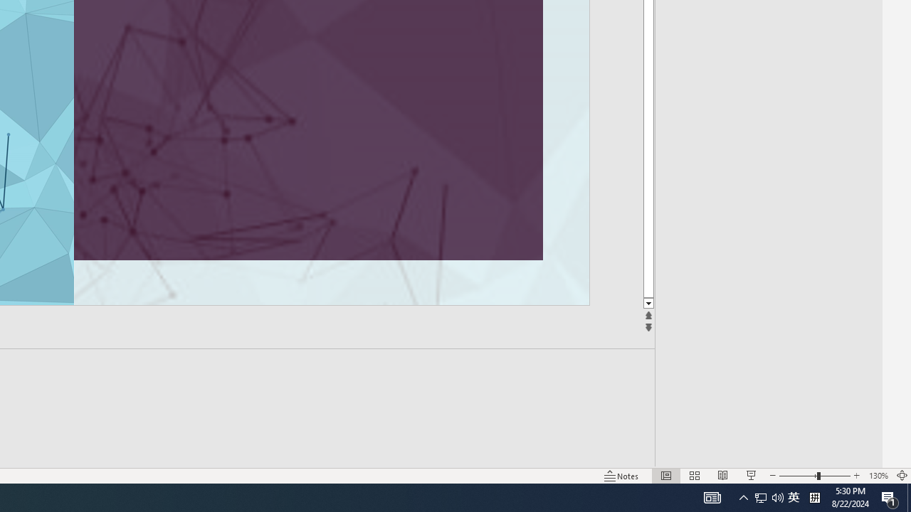 The image size is (911, 512). What do you see at coordinates (695, 476) in the screenshot?
I see `'Slide Sorter'` at bounding box center [695, 476].